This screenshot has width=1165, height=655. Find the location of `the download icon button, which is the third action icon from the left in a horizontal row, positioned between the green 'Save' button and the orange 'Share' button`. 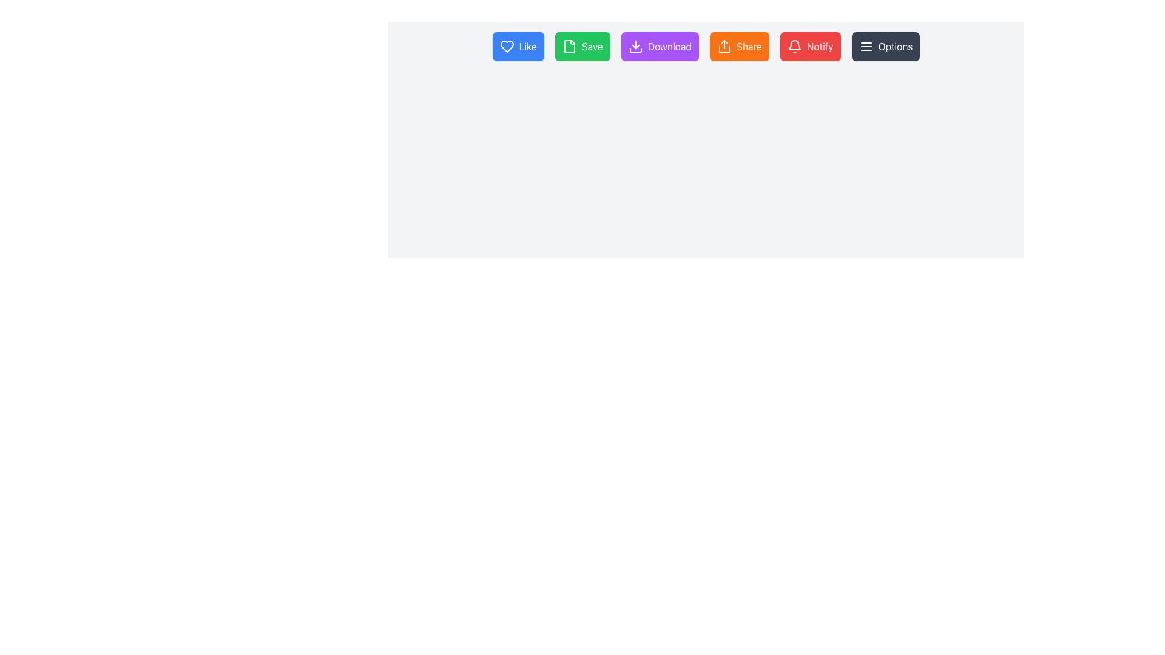

the download icon button, which is the third action icon from the left in a horizontal row, positioned between the green 'Save' button and the orange 'Share' button is located at coordinates (635, 50).